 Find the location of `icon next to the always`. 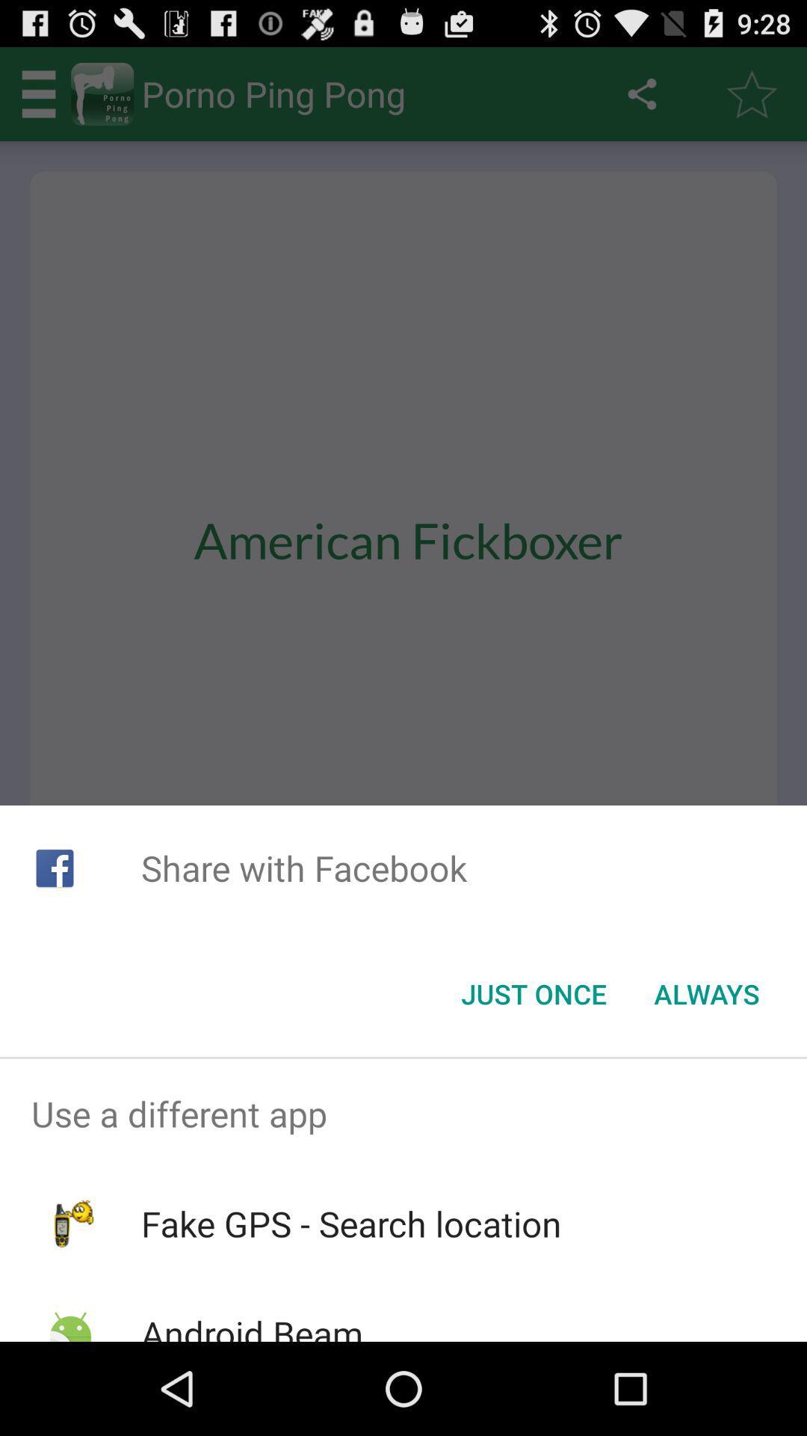

icon next to the always is located at coordinates (533, 994).